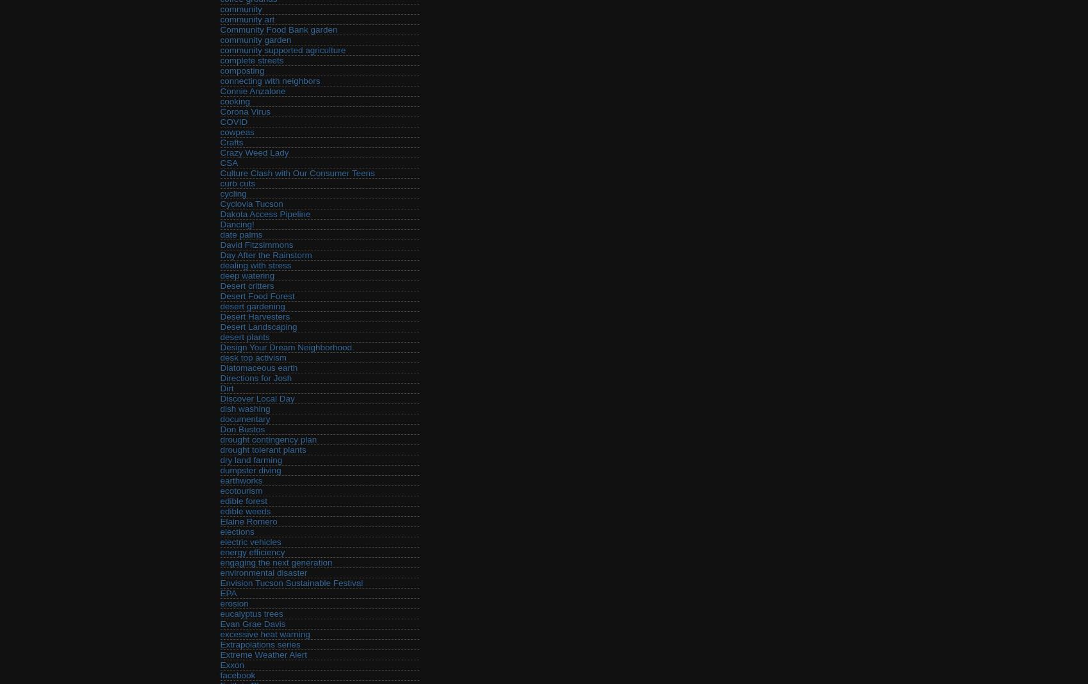 The height and width of the screenshot is (684, 1088). Describe the element at coordinates (237, 675) in the screenshot. I see `'facebook'` at that location.